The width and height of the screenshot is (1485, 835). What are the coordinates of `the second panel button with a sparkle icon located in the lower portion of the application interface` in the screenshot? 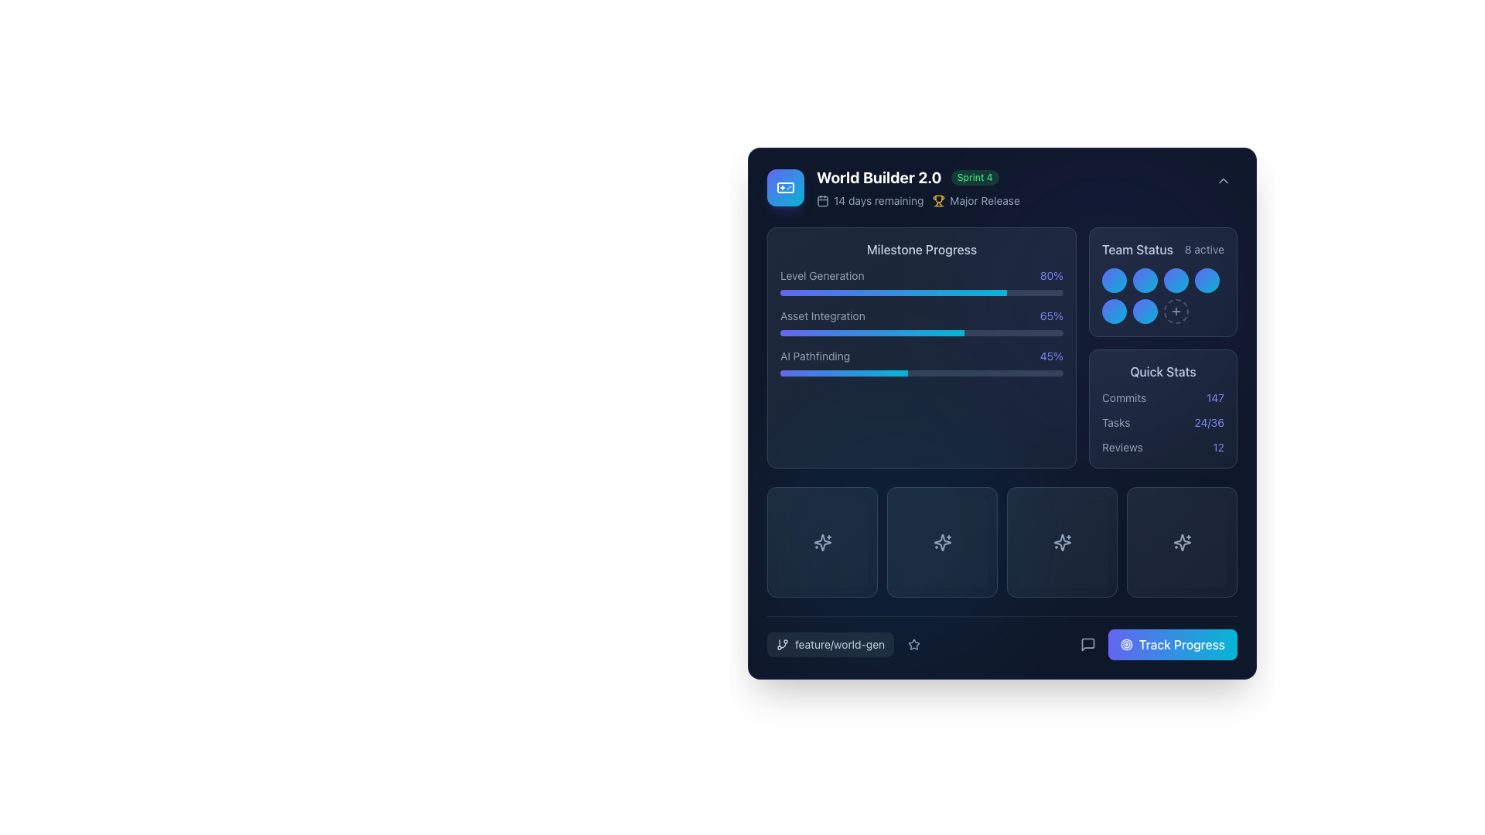 It's located at (941, 541).